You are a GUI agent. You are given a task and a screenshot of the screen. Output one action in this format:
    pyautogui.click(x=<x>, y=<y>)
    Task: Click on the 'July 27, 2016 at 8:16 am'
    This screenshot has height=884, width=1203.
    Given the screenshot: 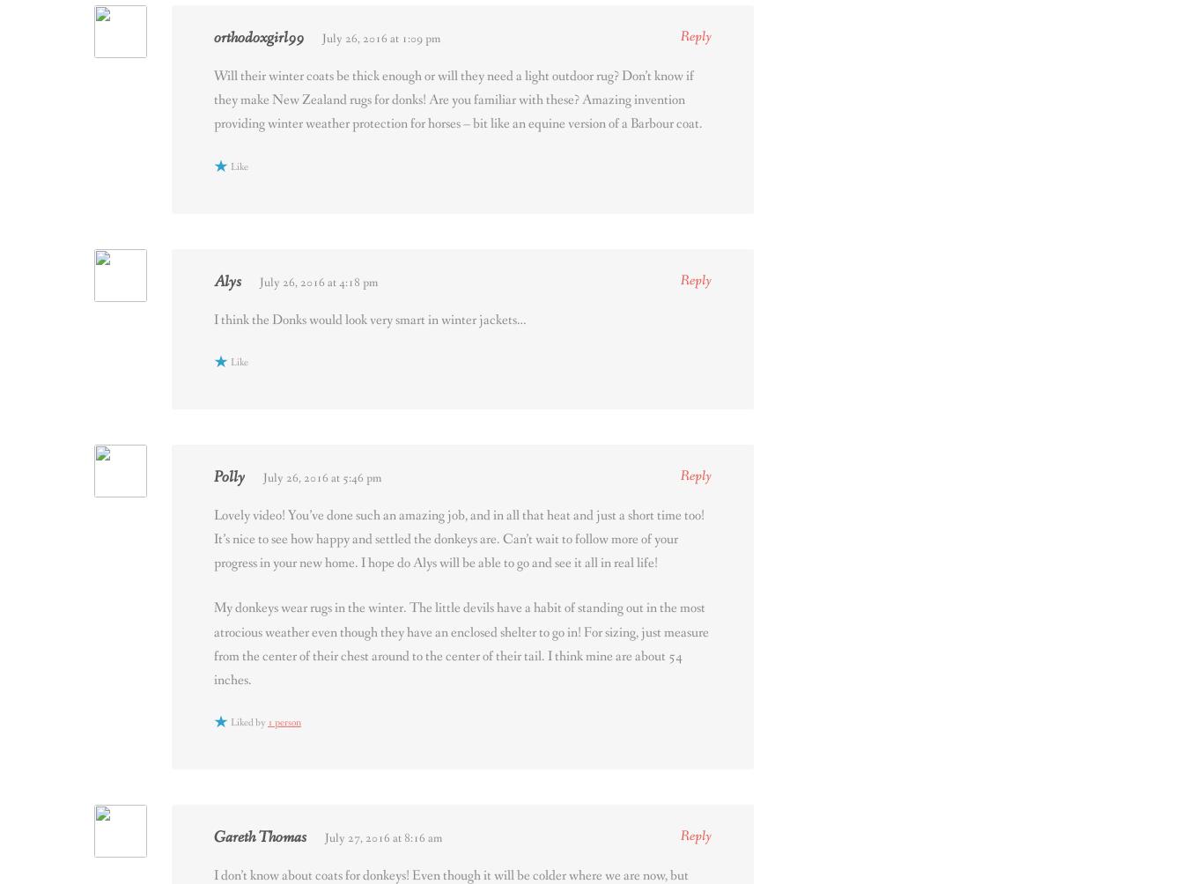 What is the action you would take?
    pyautogui.click(x=323, y=836)
    